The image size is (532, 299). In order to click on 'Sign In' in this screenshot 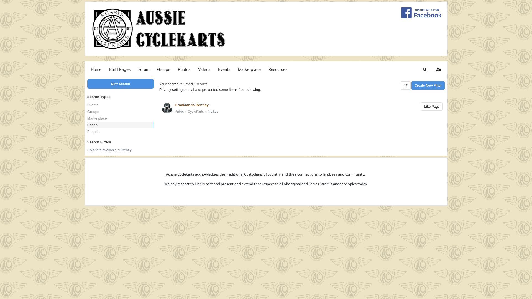, I will do `click(438, 69)`.